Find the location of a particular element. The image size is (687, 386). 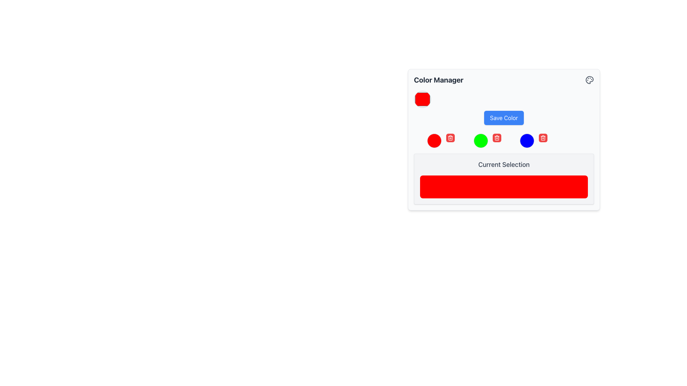

the trash bin icon styled with a red fill, located inside a red circular button is located at coordinates (496, 138).